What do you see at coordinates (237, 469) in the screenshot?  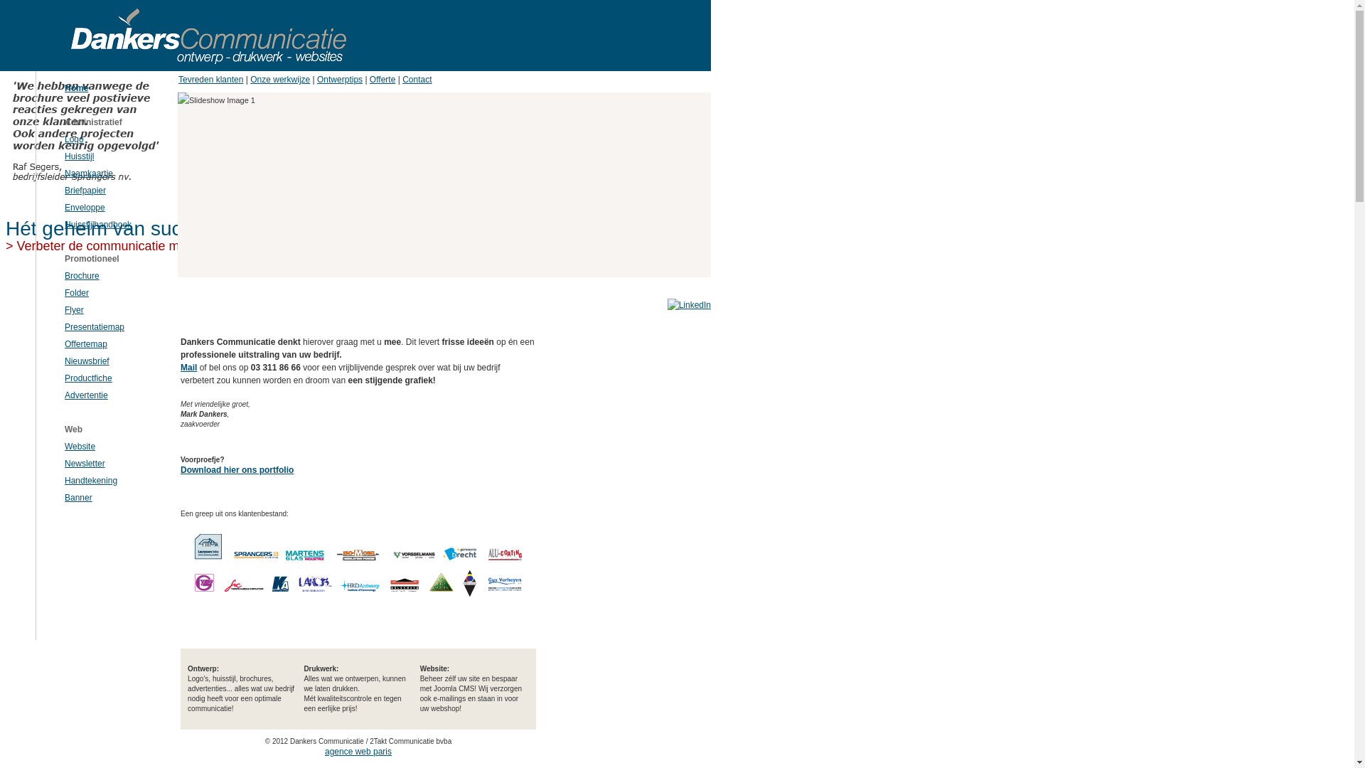 I see `'Download hier ons portfolio'` at bounding box center [237, 469].